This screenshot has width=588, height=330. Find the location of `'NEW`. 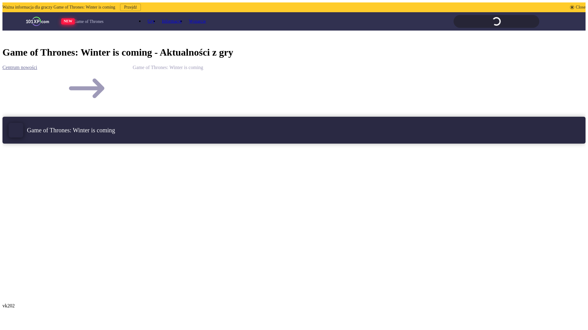

'NEW is located at coordinates (93, 21).